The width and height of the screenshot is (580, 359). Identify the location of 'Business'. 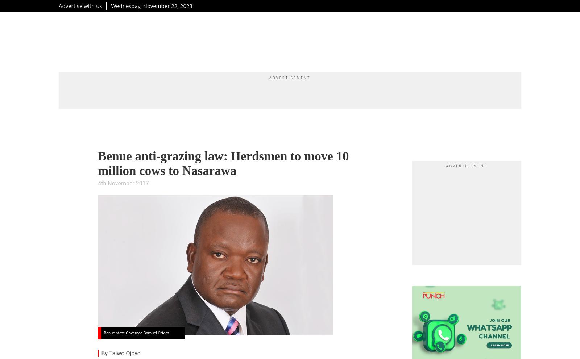
(326, 40).